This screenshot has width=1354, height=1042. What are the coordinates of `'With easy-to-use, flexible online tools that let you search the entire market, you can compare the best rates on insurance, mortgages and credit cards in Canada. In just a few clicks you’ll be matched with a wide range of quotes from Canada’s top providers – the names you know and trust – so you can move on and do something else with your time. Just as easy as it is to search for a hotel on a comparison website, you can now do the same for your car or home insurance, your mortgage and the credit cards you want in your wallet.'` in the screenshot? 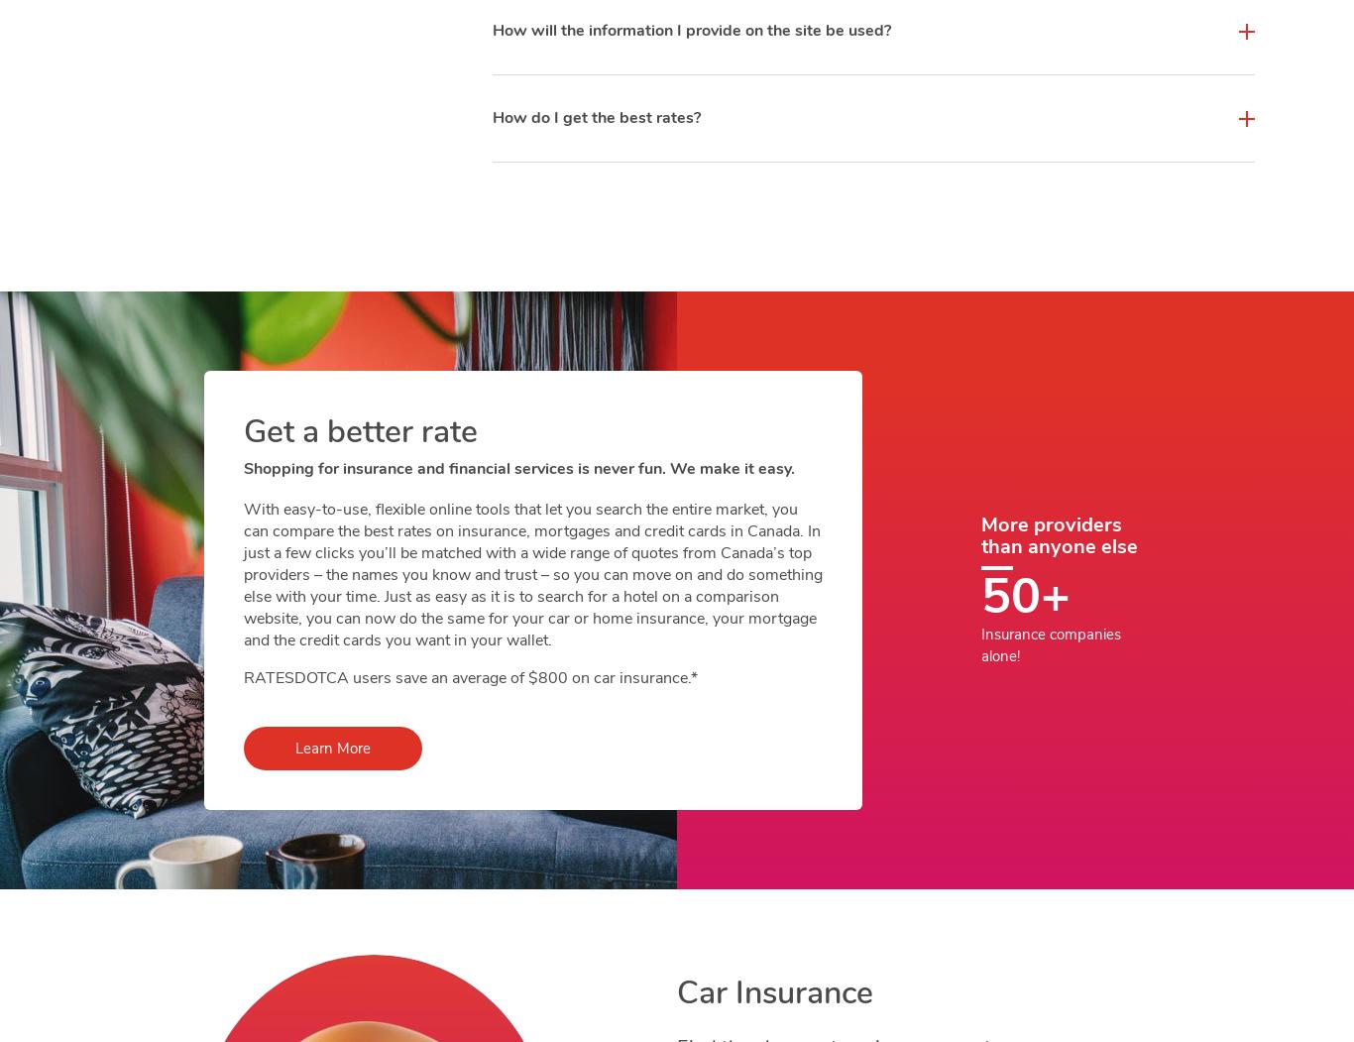 It's located at (533, 575).